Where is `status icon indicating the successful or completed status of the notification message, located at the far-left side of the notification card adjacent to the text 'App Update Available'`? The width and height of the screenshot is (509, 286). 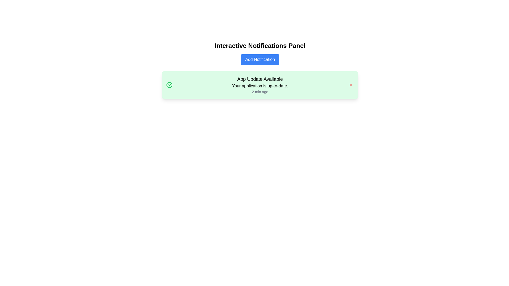
status icon indicating the successful or completed status of the notification message, located at the far-left side of the notification card adjacent to the text 'App Update Available' is located at coordinates (169, 84).